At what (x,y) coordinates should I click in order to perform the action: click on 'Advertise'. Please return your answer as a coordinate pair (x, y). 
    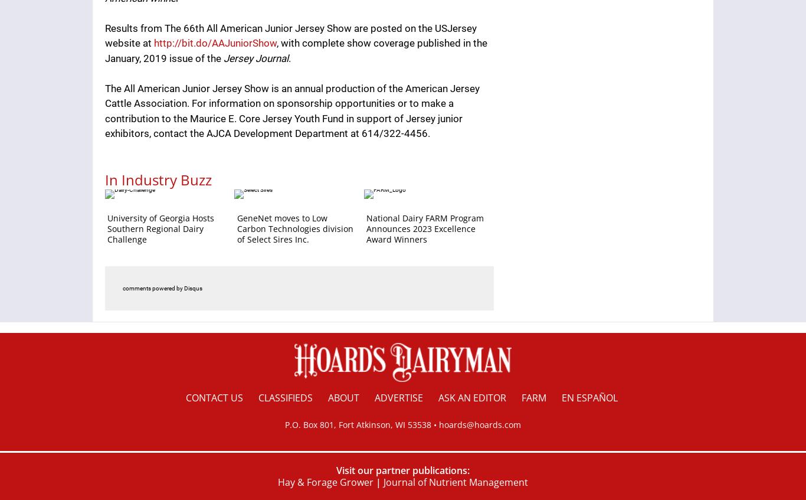
    Looking at the image, I should click on (398, 397).